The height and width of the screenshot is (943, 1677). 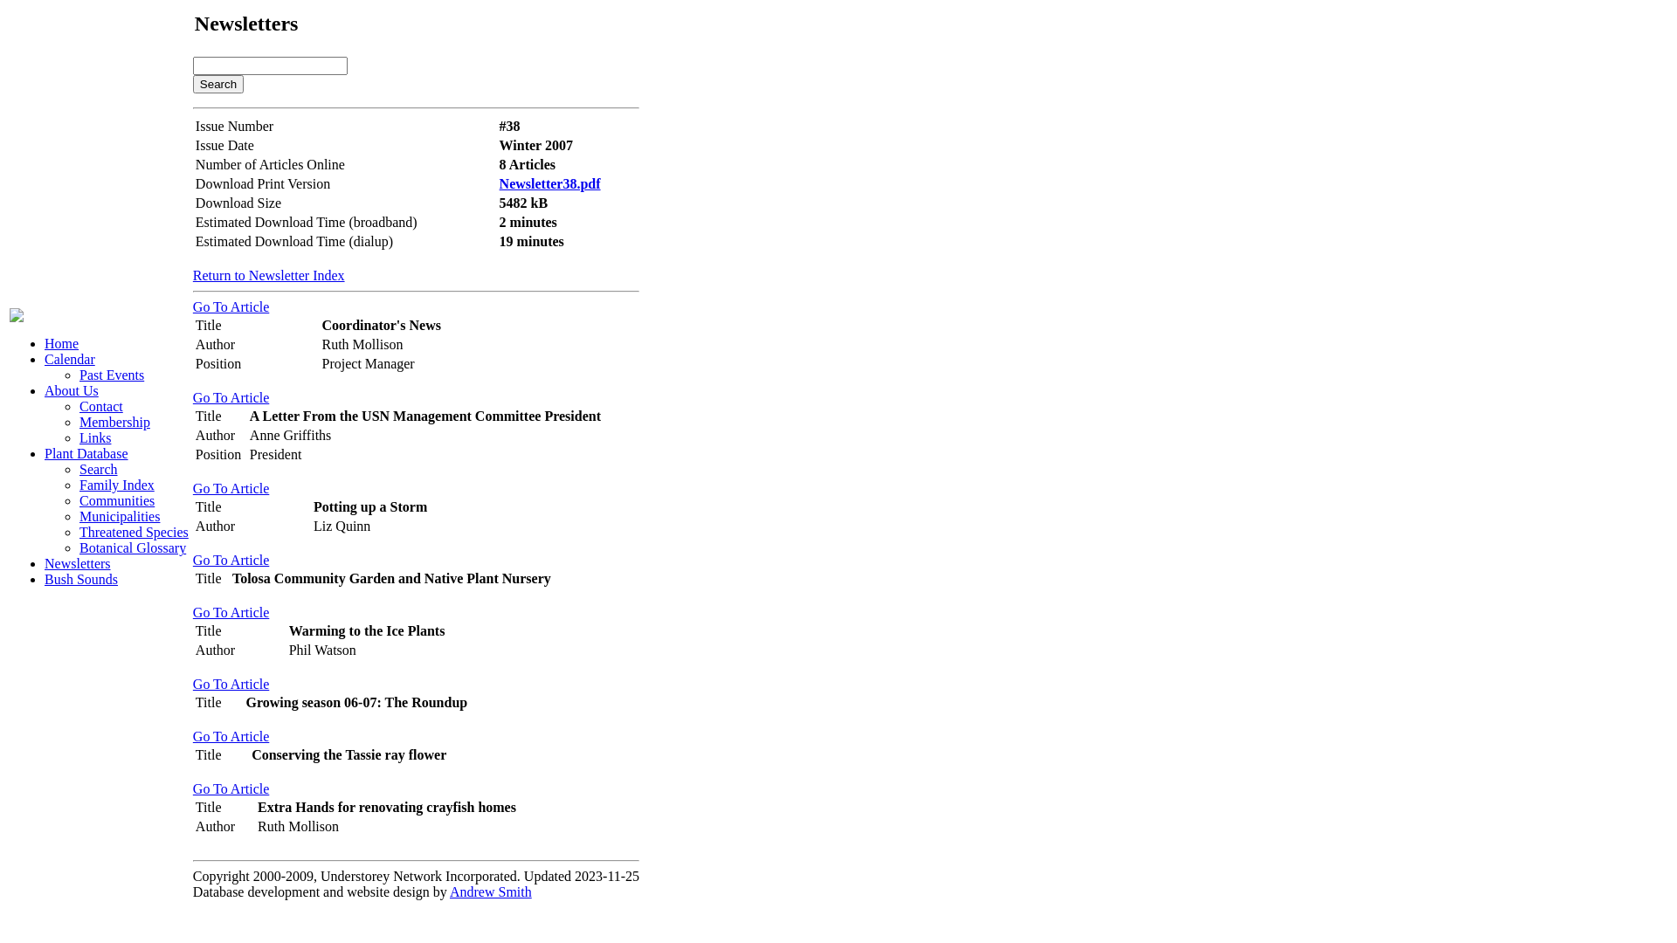 What do you see at coordinates (70, 389) in the screenshot?
I see `'About Us'` at bounding box center [70, 389].